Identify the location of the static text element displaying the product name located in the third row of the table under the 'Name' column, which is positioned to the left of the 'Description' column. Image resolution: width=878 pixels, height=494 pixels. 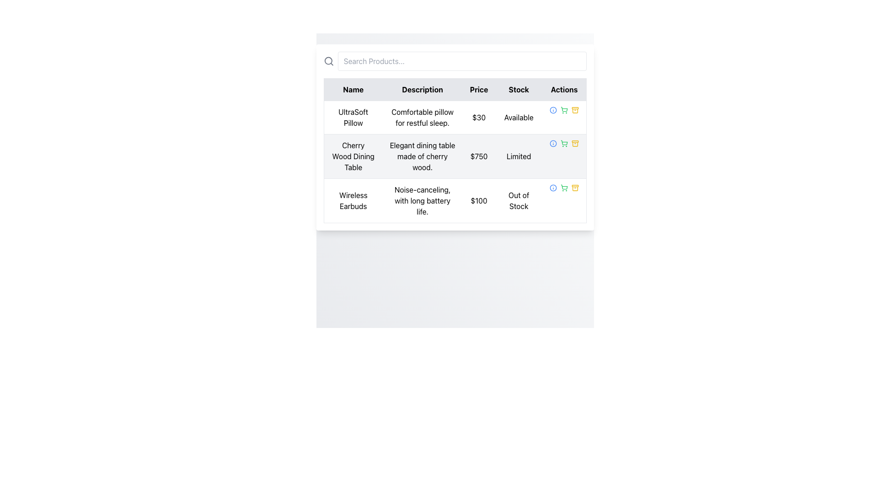
(353, 200).